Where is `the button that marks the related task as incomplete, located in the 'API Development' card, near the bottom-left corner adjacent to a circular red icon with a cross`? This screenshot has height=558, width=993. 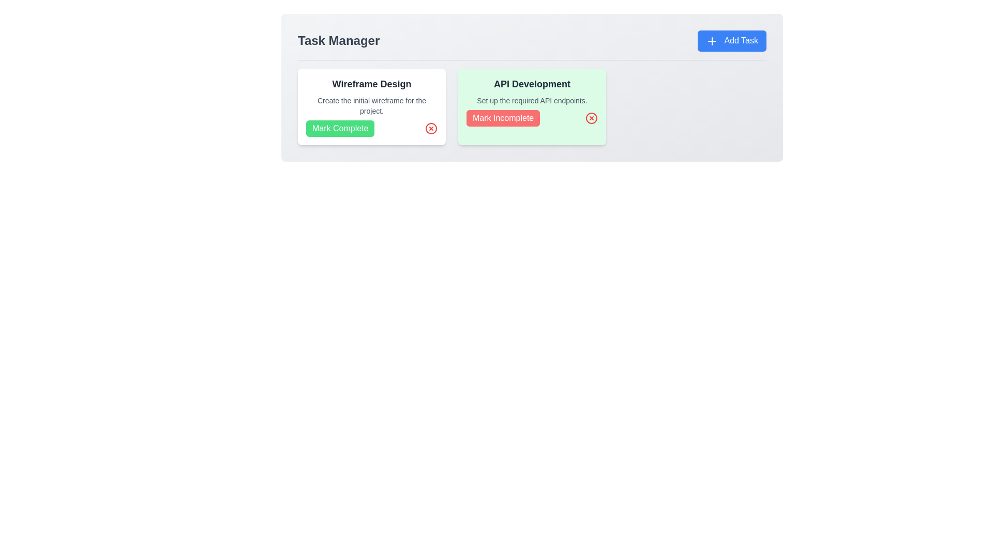
the button that marks the related task as incomplete, located in the 'API Development' card, near the bottom-left corner adjacent to a circular red icon with a cross is located at coordinates (503, 117).